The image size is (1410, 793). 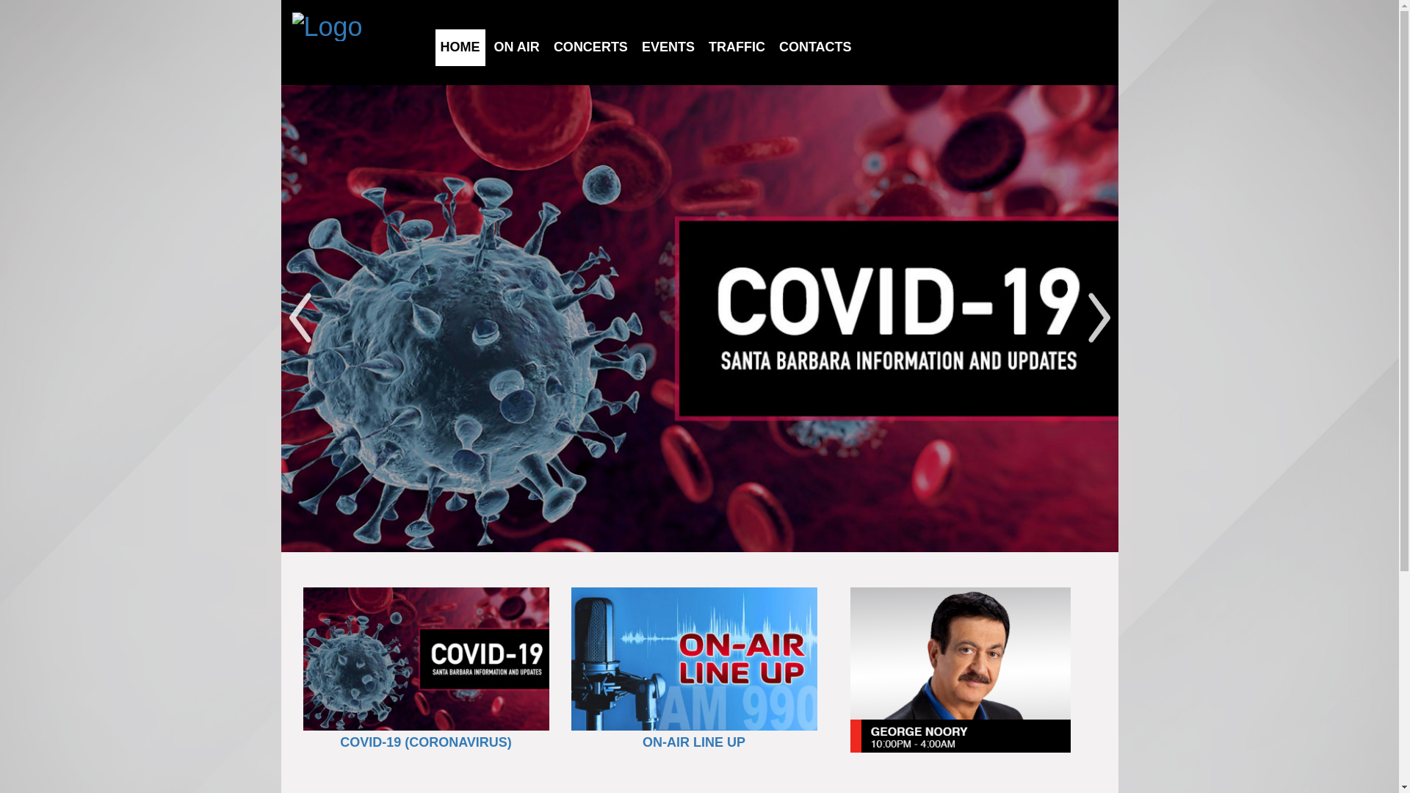 What do you see at coordinates (493, 46) in the screenshot?
I see `'ON AIR'` at bounding box center [493, 46].